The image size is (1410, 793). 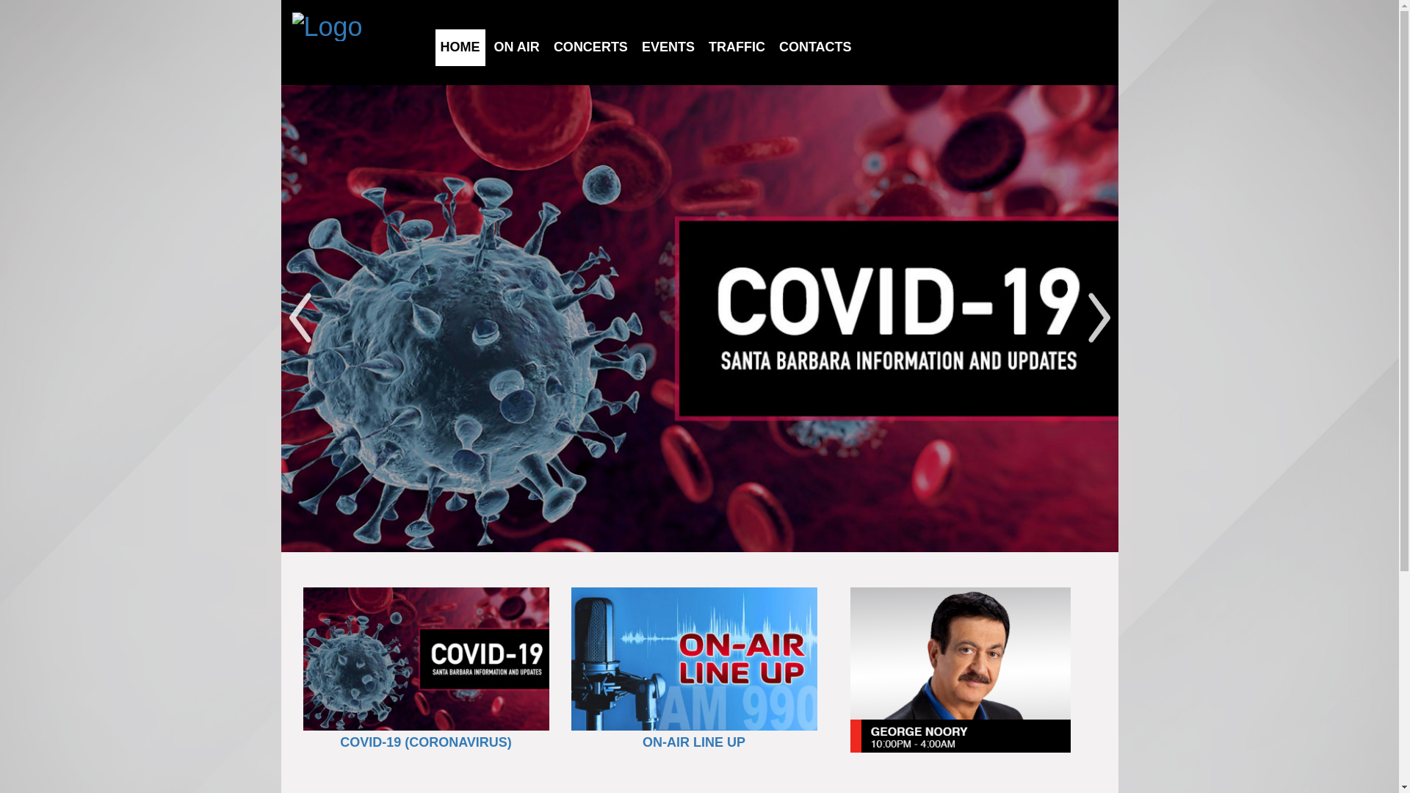 What do you see at coordinates (493, 46) in the screenshot?
I see `'ON AIR'` at bounding box center [493, 46].